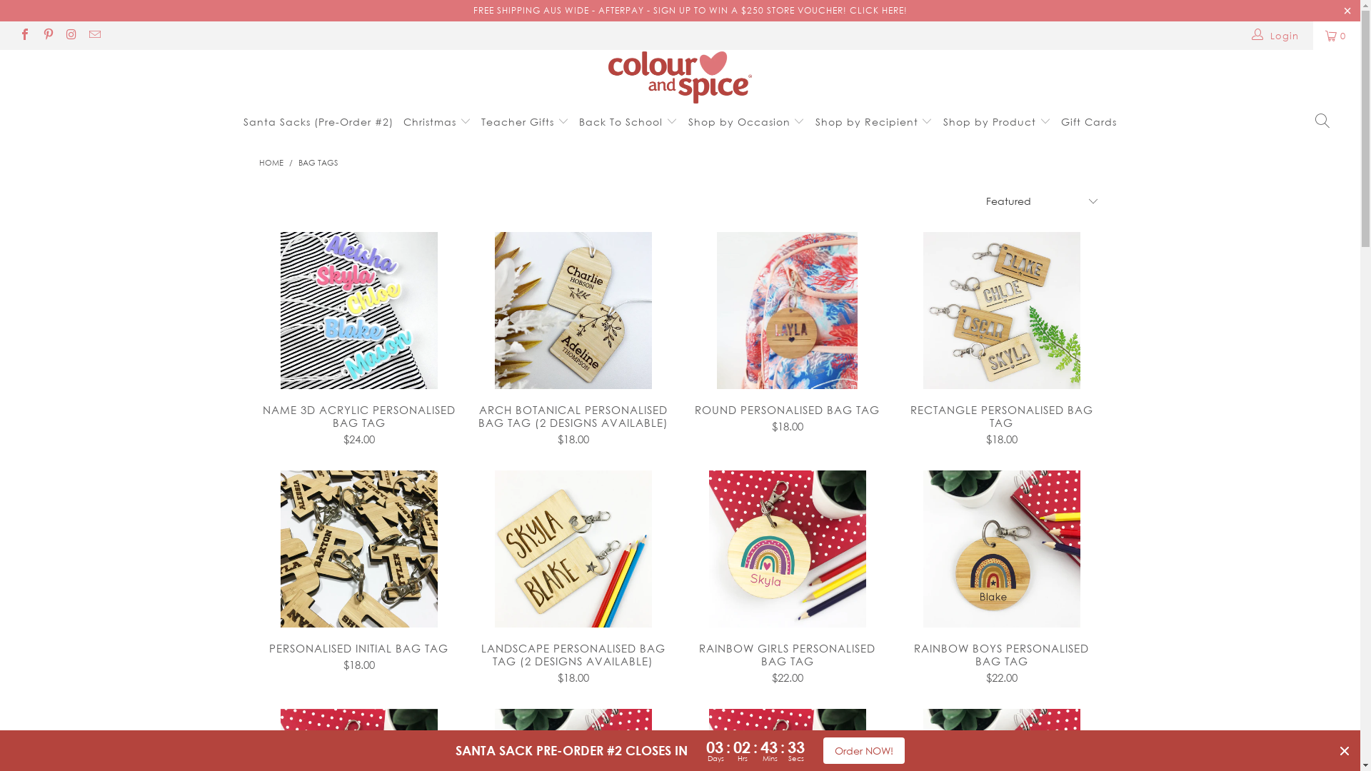 The image size is (1371, 771). I want to click on 'Santa Sacks (Pre-Order #2)', so click(318, 121).